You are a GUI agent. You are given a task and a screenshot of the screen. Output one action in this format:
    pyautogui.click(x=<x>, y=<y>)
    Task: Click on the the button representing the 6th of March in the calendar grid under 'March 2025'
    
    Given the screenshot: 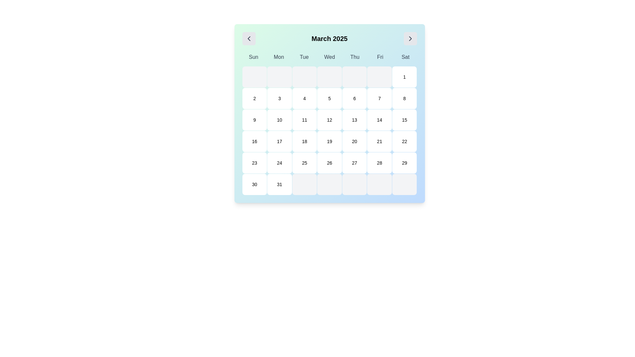 What is the action you would take?
    pyautogui.click(x=354, y=98)
    